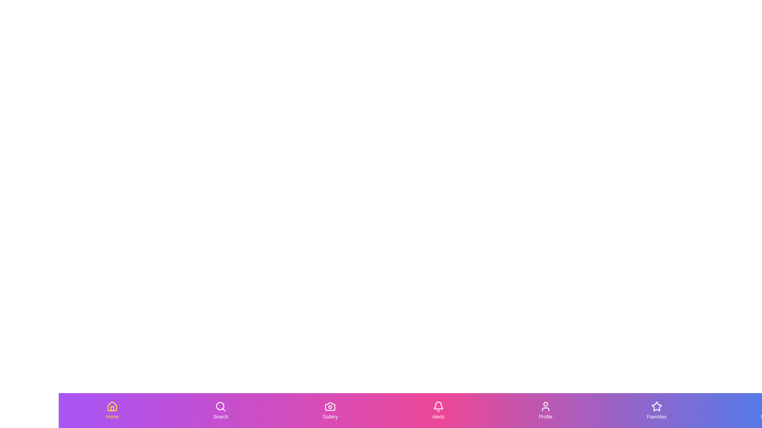 Image resolution: width=762 pixels, height=428 pixels. What do you see at coordinates (221, 410) in the screenshot?
I see `the button labeled Search to observe the hover effect` at bounding box center [221, 410].